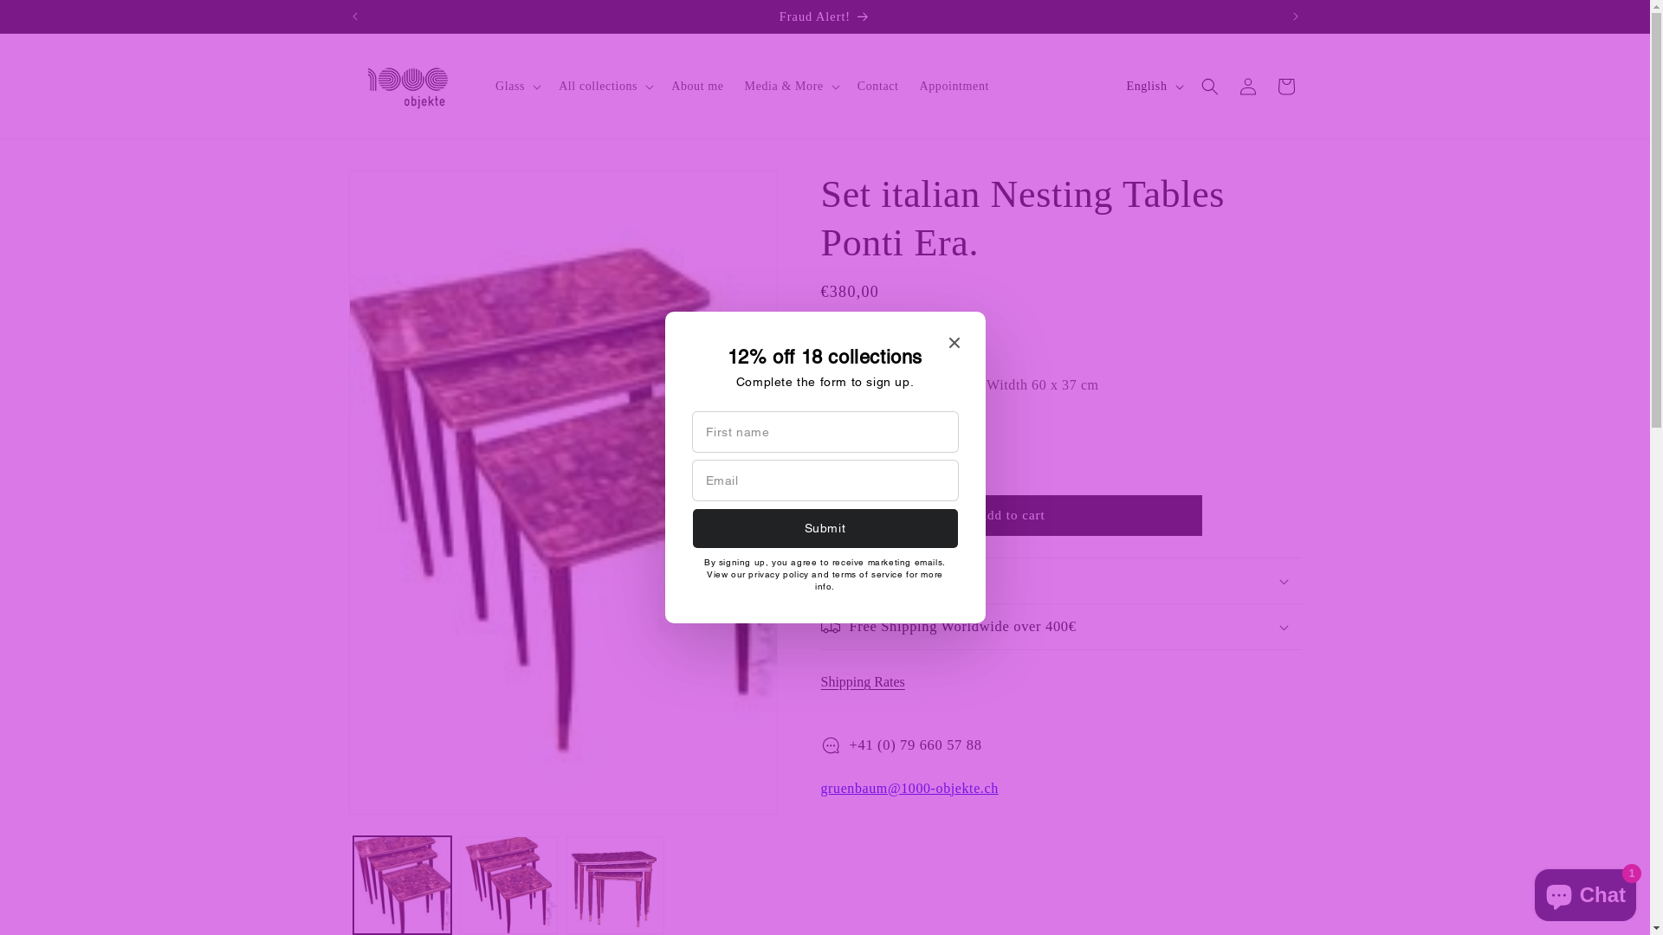 The width and height of the screenshot is (1663, 935). What do you see at coordinates (909, 87) in the screenshot?
I see `'Appointment'` at bounding box center [909, 87].